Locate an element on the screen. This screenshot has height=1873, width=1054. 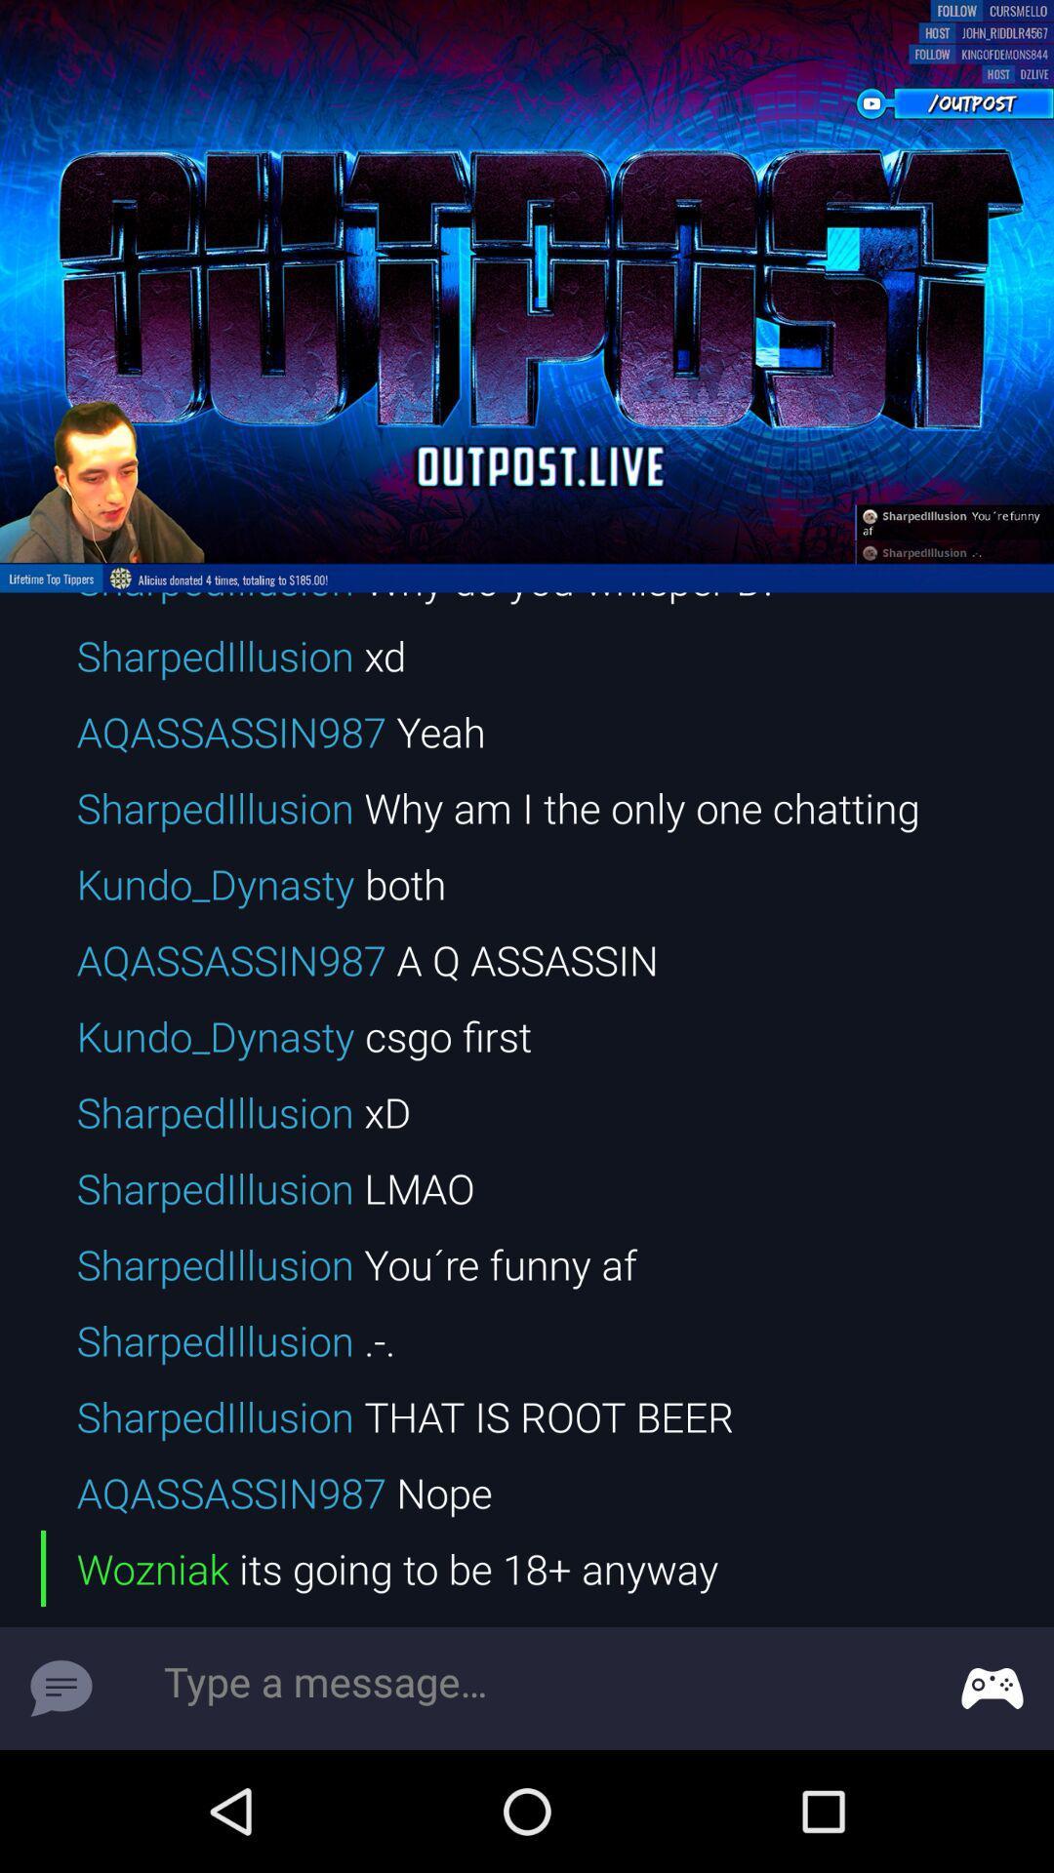
the chat icon is located at coordinates (60, 1688).